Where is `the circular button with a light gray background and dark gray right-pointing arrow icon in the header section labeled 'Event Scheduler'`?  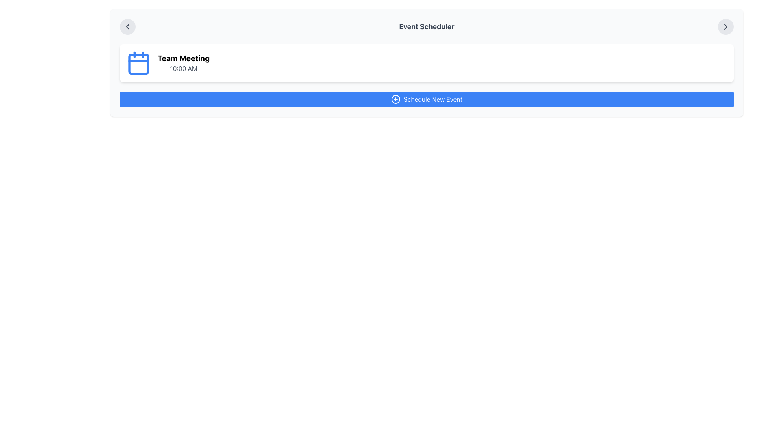 the circular button with a light gray background and dark gray right-pointing arrow icon in the header section labeled 'Event Scheduler' is located at coordinates (725, 26).